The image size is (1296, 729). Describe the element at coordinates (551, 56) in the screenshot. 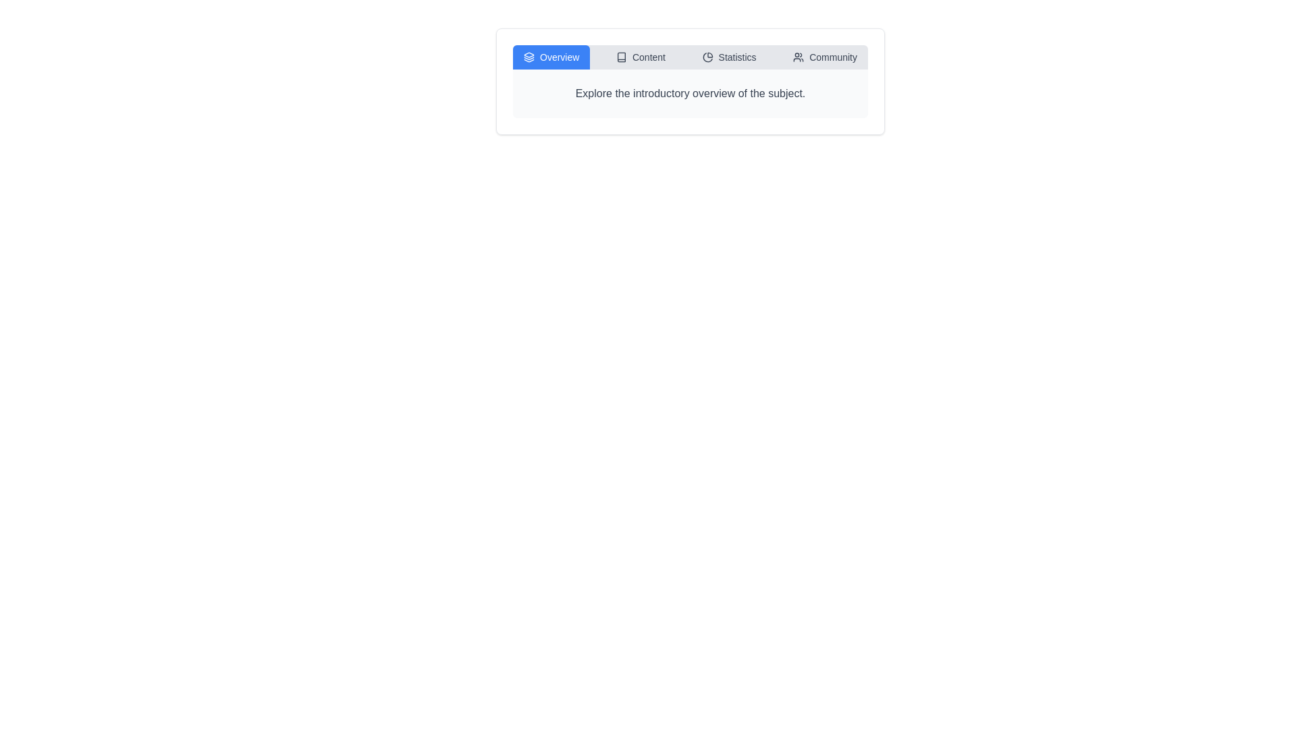

I see `the Overview tab to activate it` at that location.